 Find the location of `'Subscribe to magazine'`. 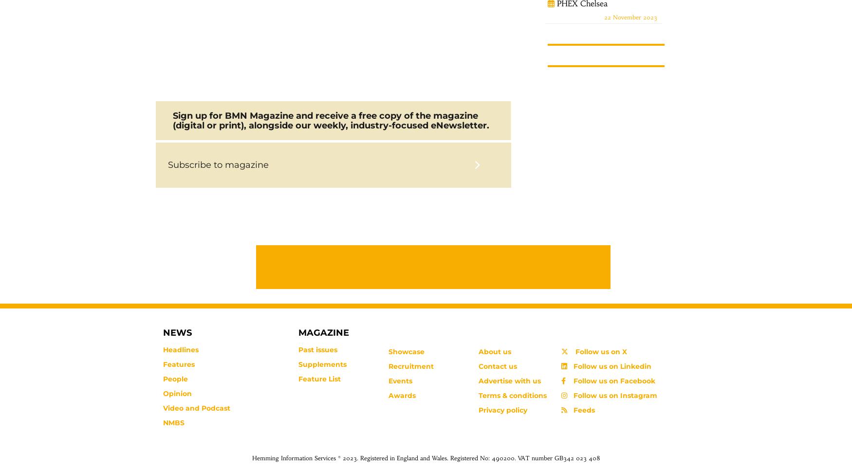

'Subscribe to magazine' is located at coordinates (218, 164).